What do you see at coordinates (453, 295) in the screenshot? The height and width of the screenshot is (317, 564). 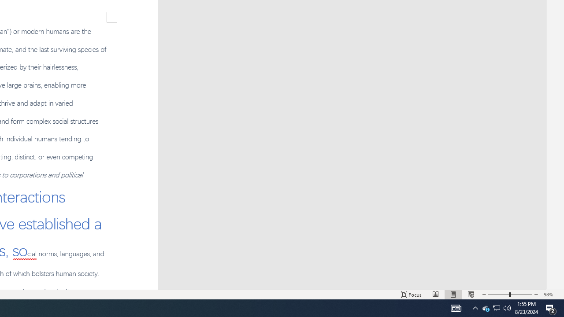 I see `'Print Layout'` at bounding box center [453, 295].